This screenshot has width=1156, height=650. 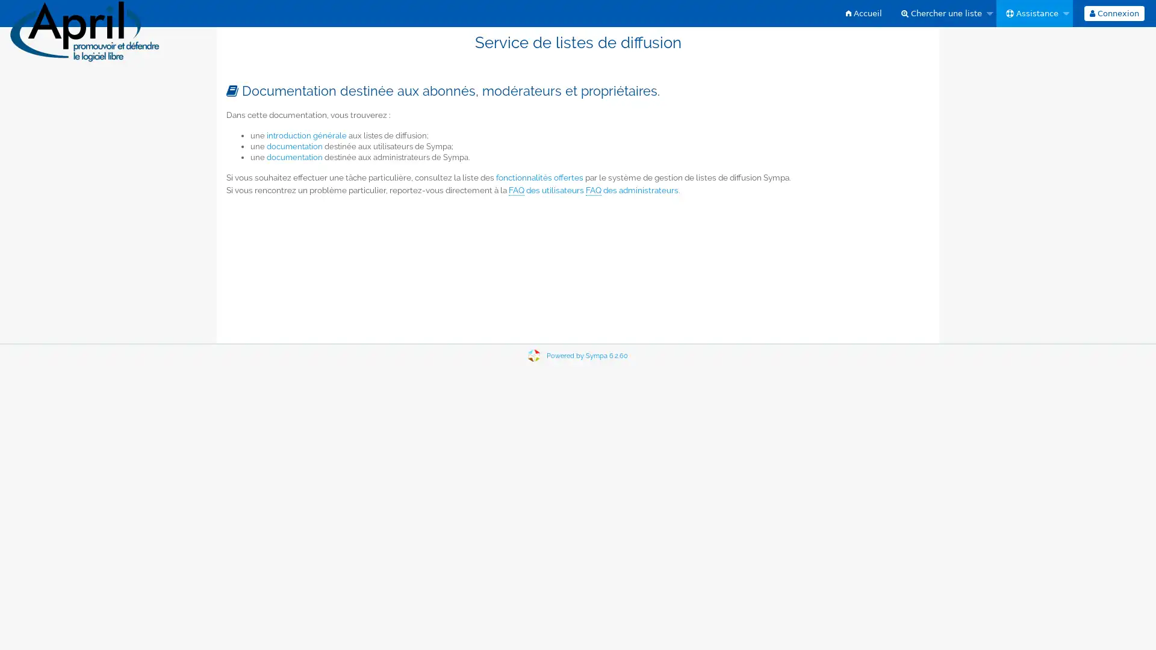 What do you see at coordinates (1113, 13) in the screenshot?
I see `Connexion` at bounding box center [1113, 13].